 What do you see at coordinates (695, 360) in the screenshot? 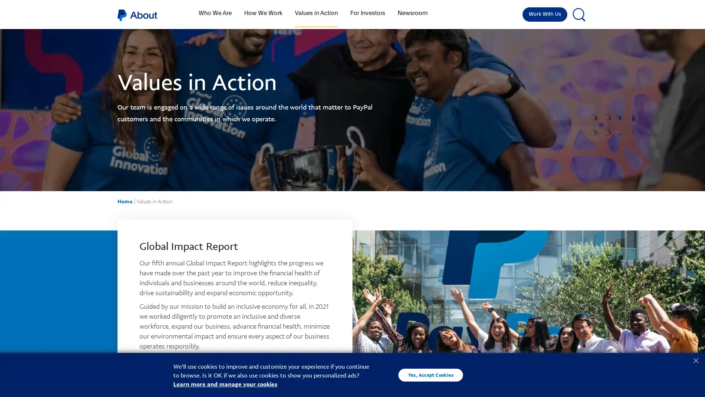
I see `close disclaimer` at bounding box center [695, 360].